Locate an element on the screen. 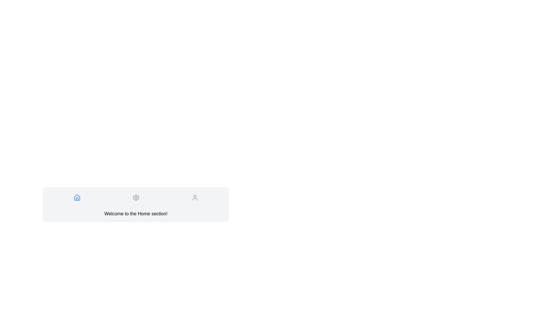  the leftmost icon in the bottom navigation bar that serves as a button to navigate to the home or main section of the application is located at coordinates (77, 197).